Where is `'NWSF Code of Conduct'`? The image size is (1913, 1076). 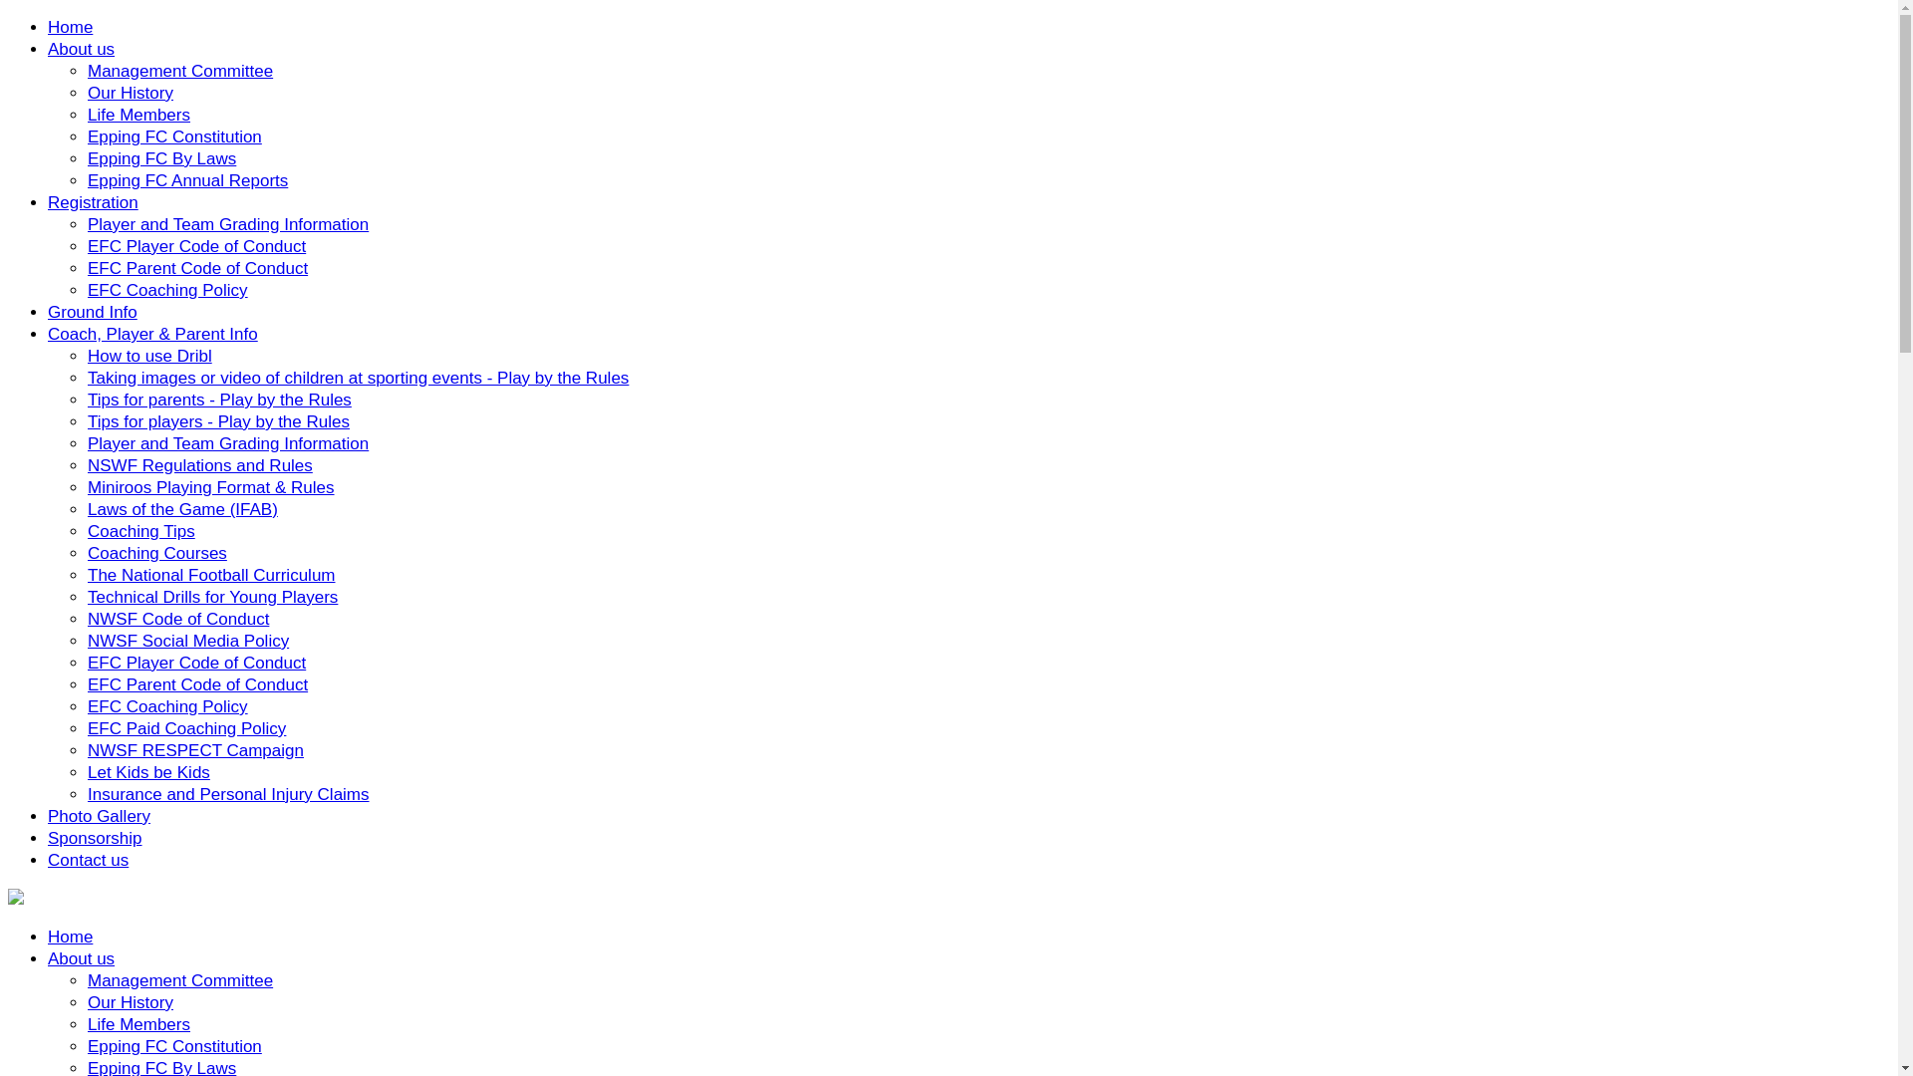
'NWSF Code of Conduct' is located at coordinates (177, 618).